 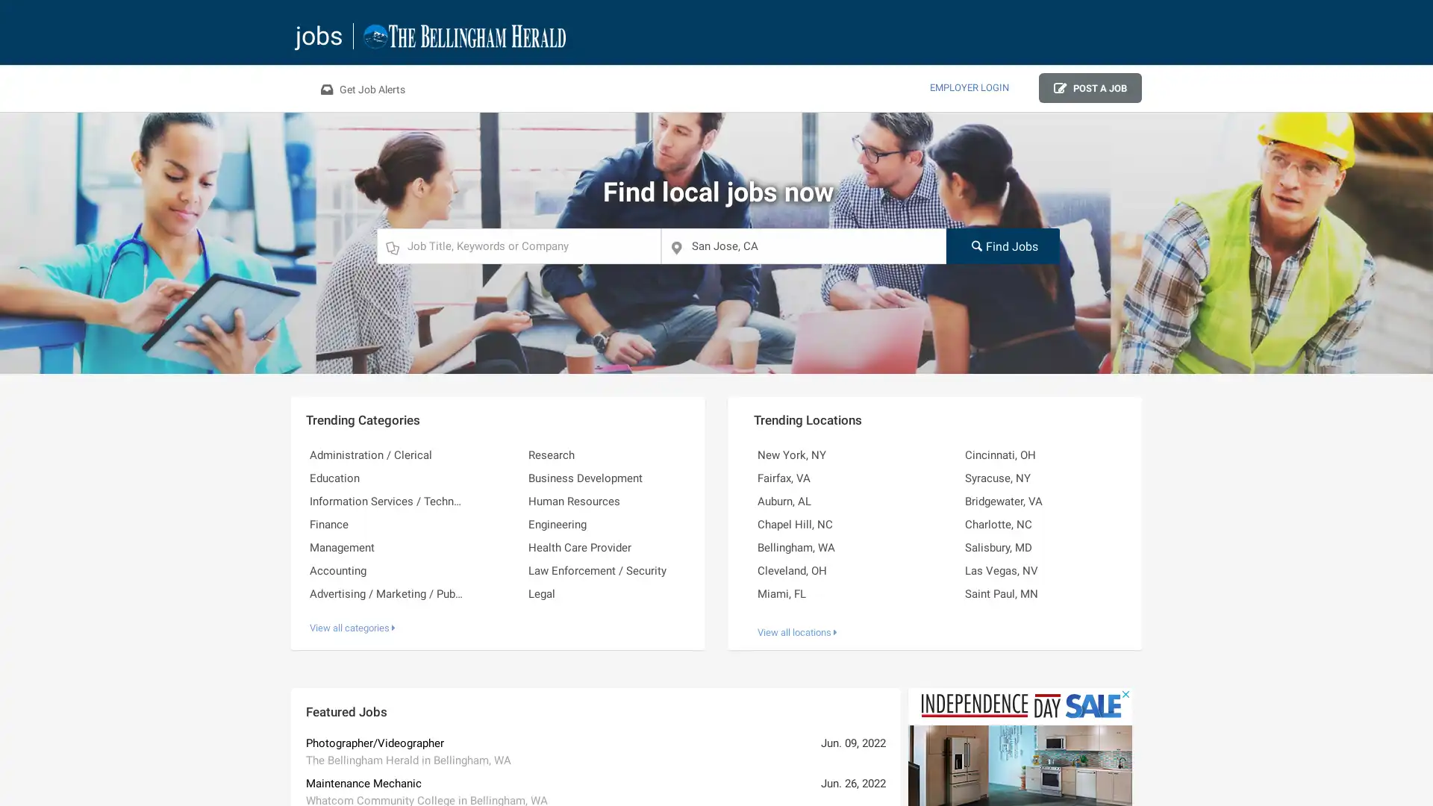 What do you see at coordinates (1002, 244) in the screenshot?
I see `Find Jobs` at bounding box center [1002, 244].